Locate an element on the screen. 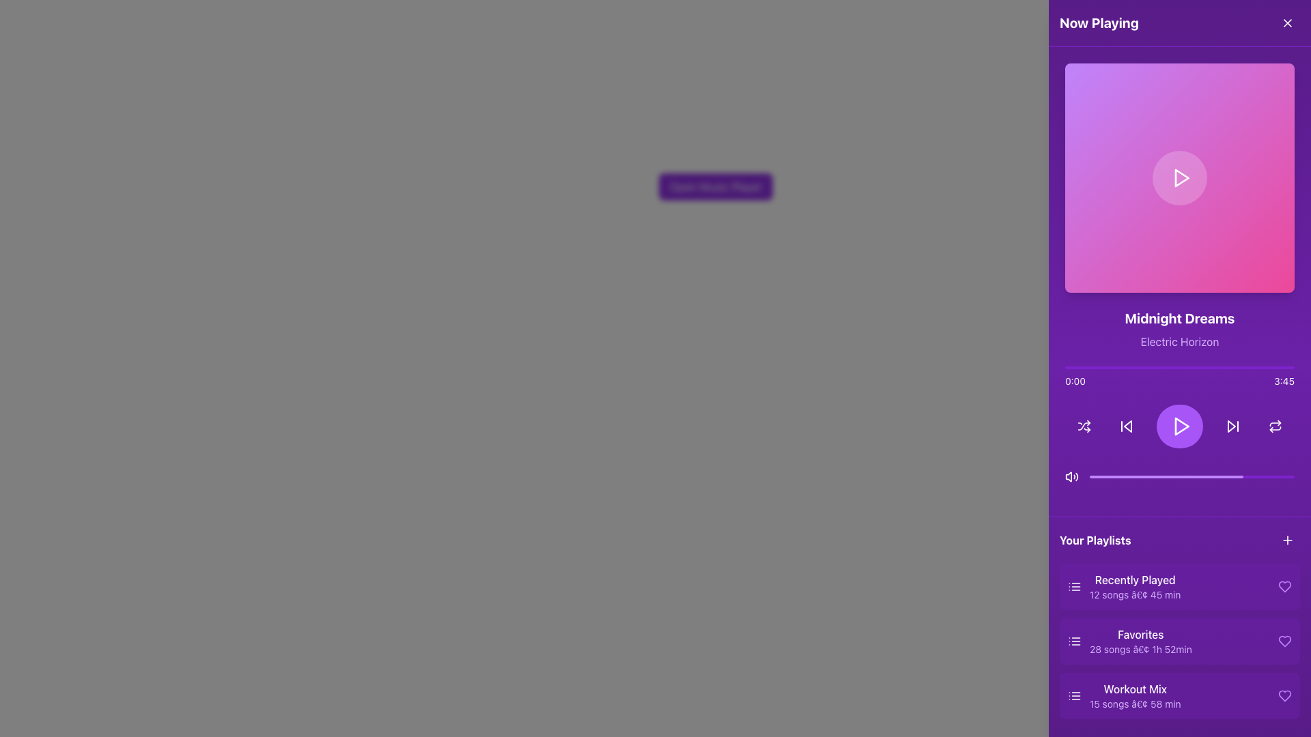 This screenshot has width=1311, height=737. the volume is located at coordinates (1209, 476).